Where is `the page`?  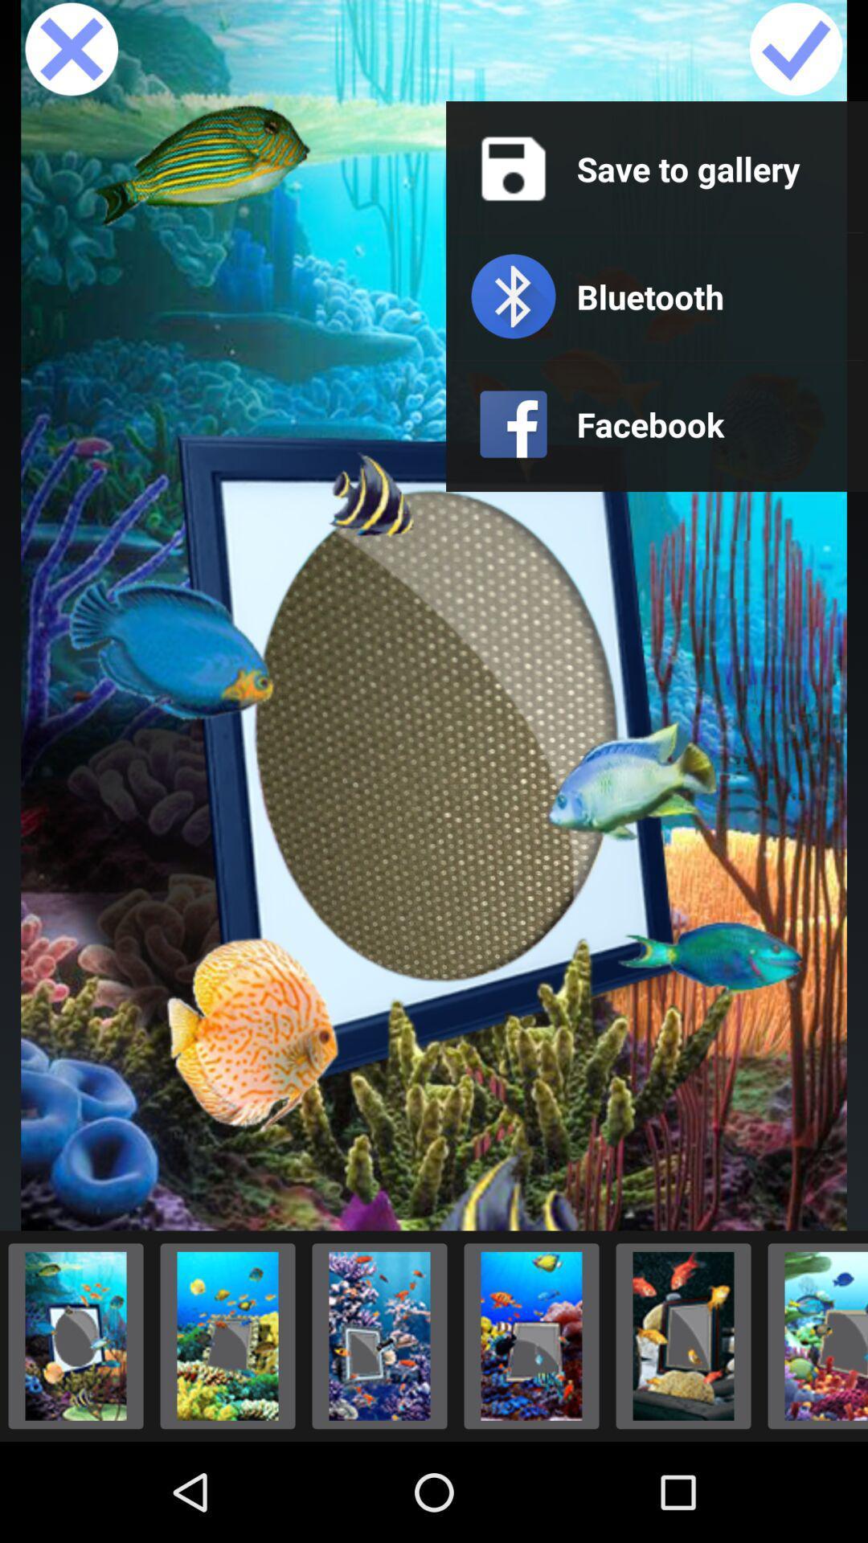 the page is located at coordinates (71, 50).